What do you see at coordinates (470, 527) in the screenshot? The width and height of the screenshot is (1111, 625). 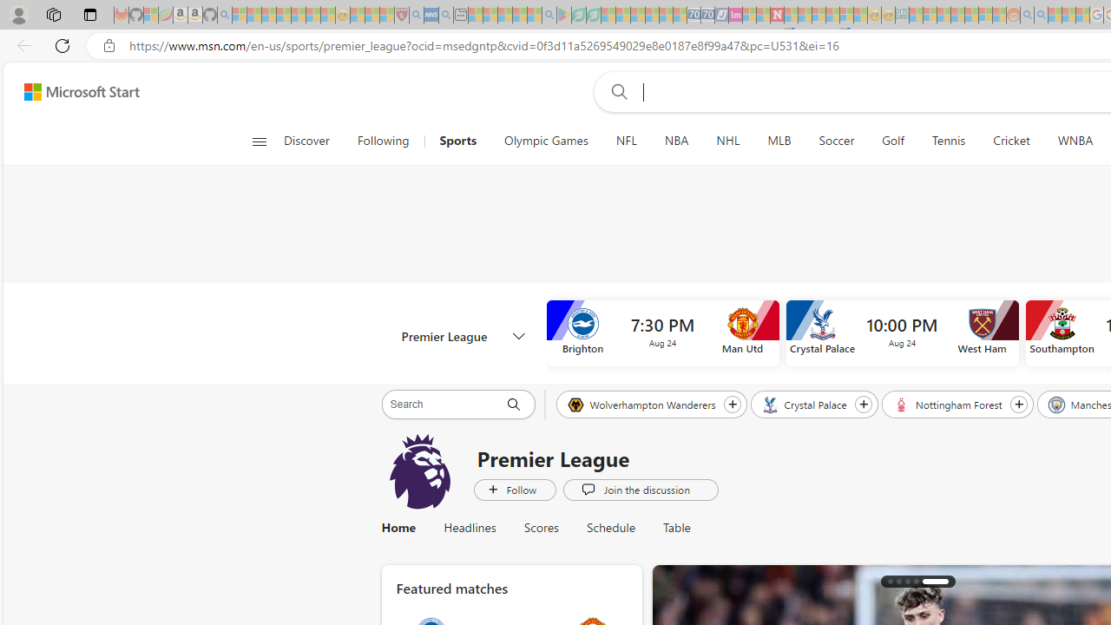 I see `'Headlines'` at bounding box center [470, 527].